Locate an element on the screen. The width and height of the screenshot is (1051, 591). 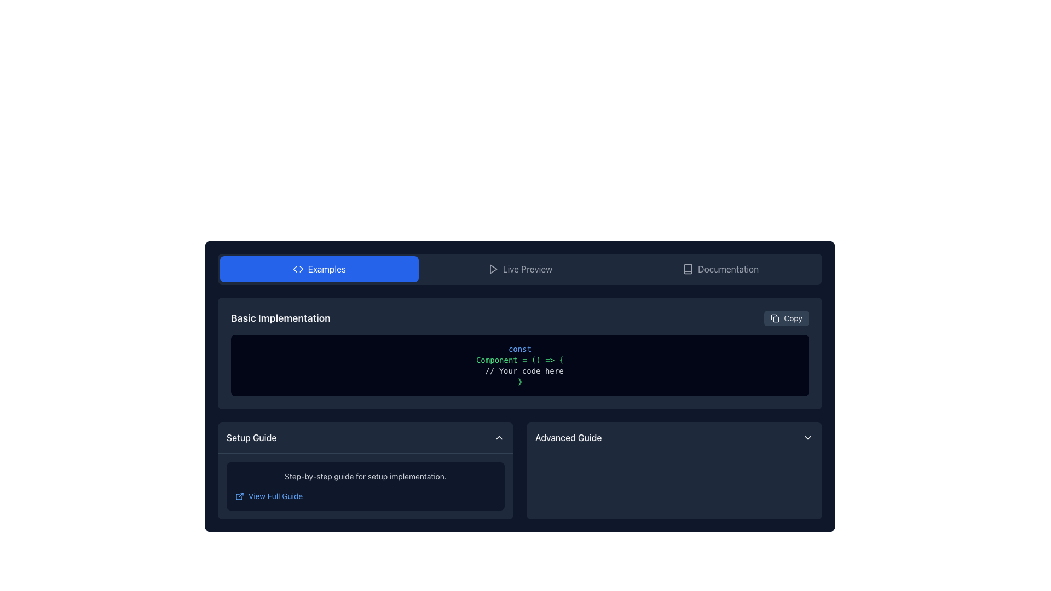
the button located in the top-right corner of the 'Basic Implementation' section to copy the associated content is located at coordinates (786, 318).